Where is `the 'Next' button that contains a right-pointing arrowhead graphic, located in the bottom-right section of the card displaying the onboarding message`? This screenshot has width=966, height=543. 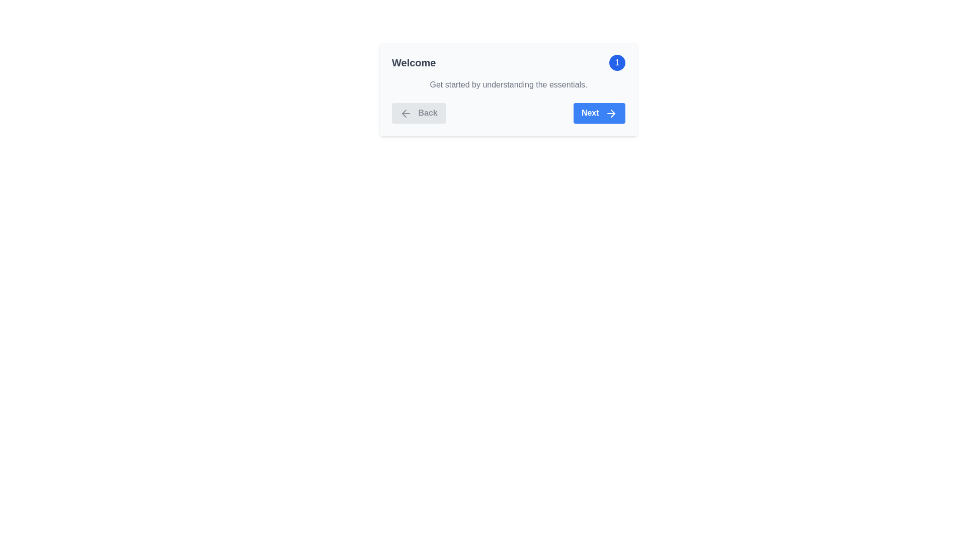 the 'Next' button that contains a right-pointing arrowhead graphic, located in the bottom-right section of the card displaying the onboarding message is located at coordinates (612, 113).